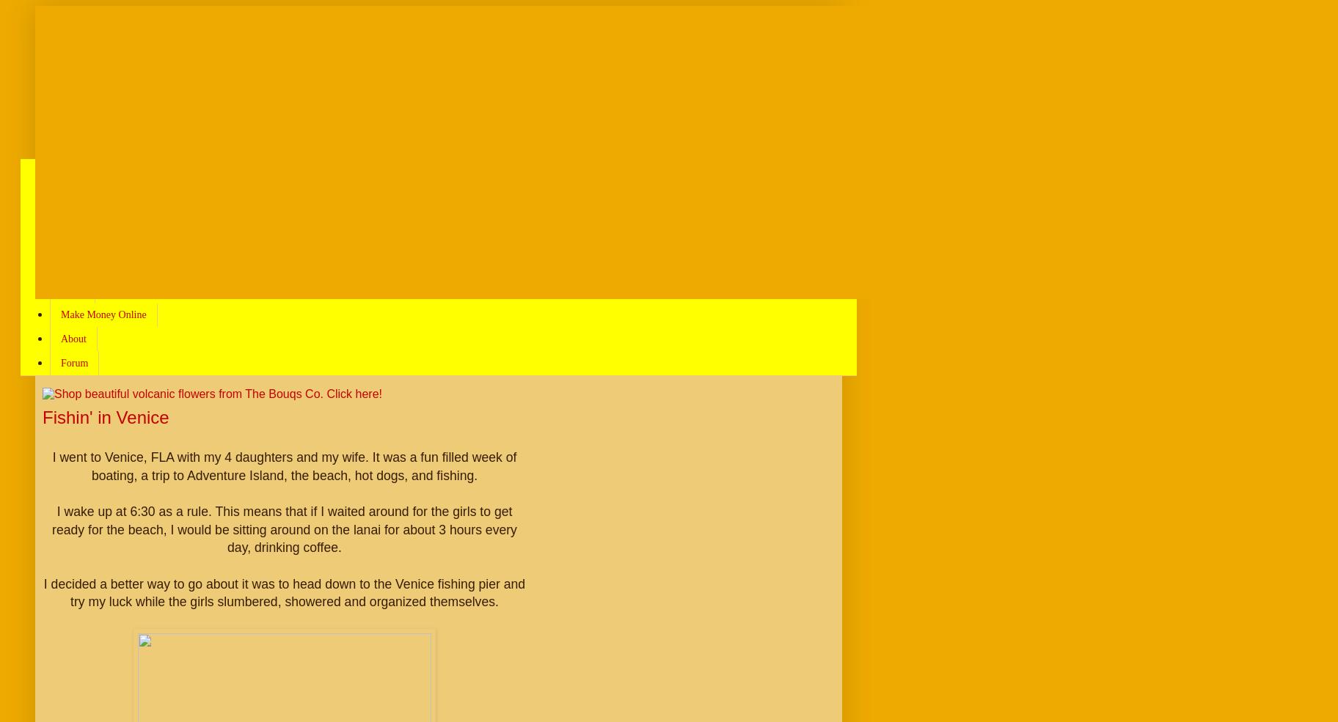 The image size is (1338, 722). I want to click on 'Used Hot Dog Equipment', so click(113, 266).